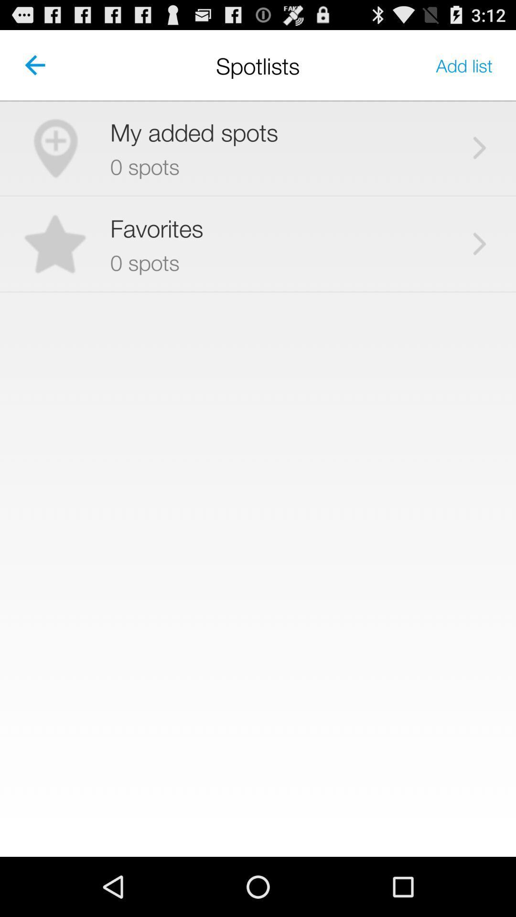 The image size is (516, 917). What do you see at coordinates (464, 64) in the screenshot?
I see `icon to the right of the spotlists` at bounding box center [464, 64].